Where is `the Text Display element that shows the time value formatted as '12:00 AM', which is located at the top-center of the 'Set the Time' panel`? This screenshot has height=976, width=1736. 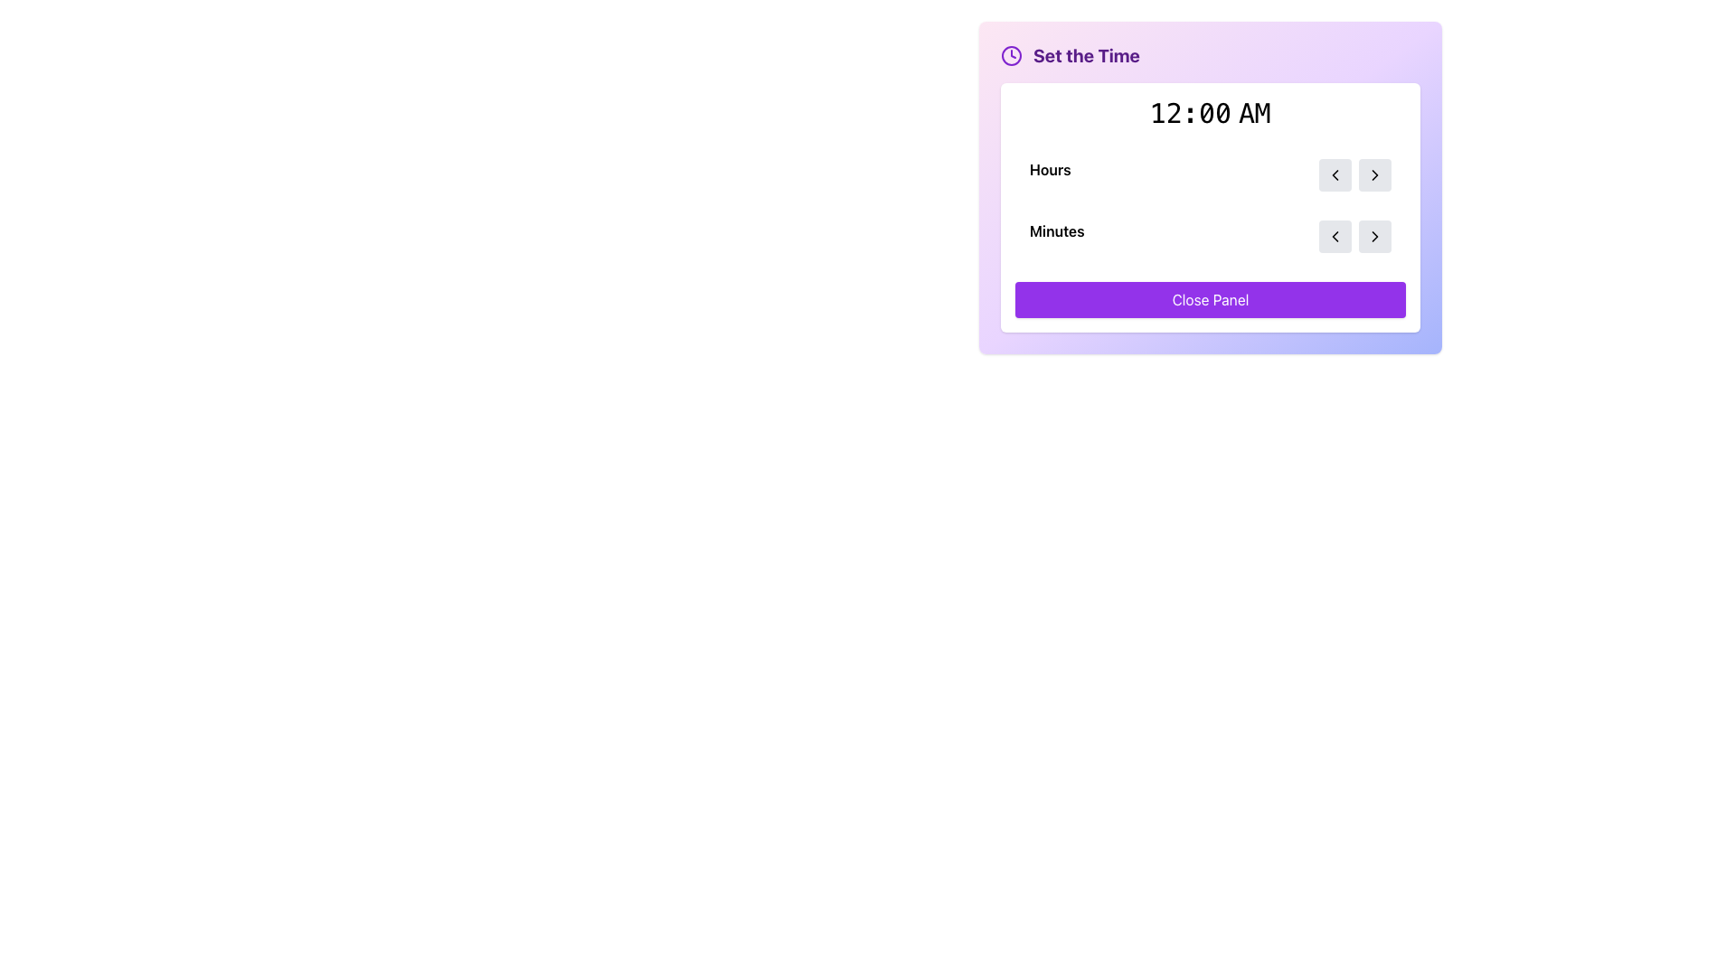 the Text Display element that shows the time value formatted as '12:00 AM', which is located at the top-center of the 'Set the Time' panel is located at coordinates (1211, 114).